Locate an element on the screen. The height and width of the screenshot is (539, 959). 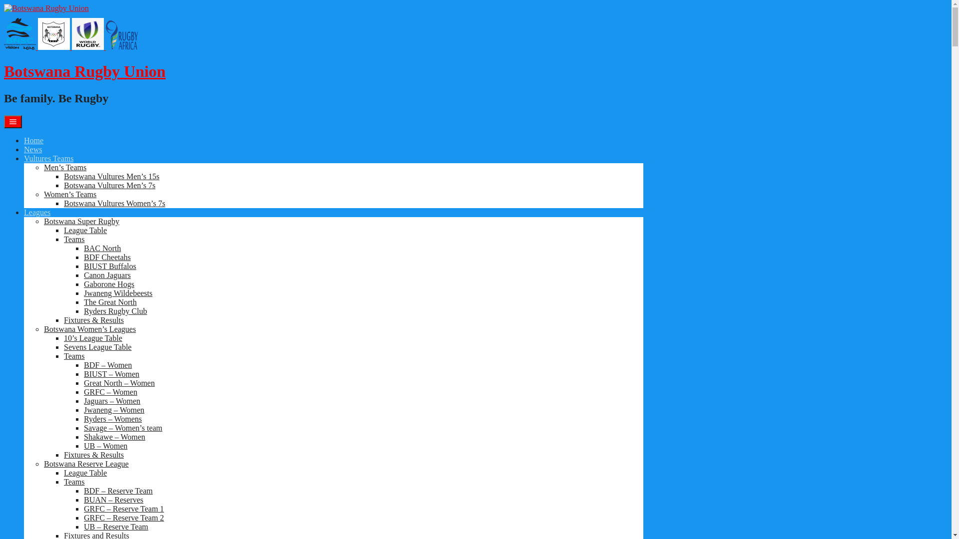
'Fixtures & Results' is located at coordinates (63, 320).